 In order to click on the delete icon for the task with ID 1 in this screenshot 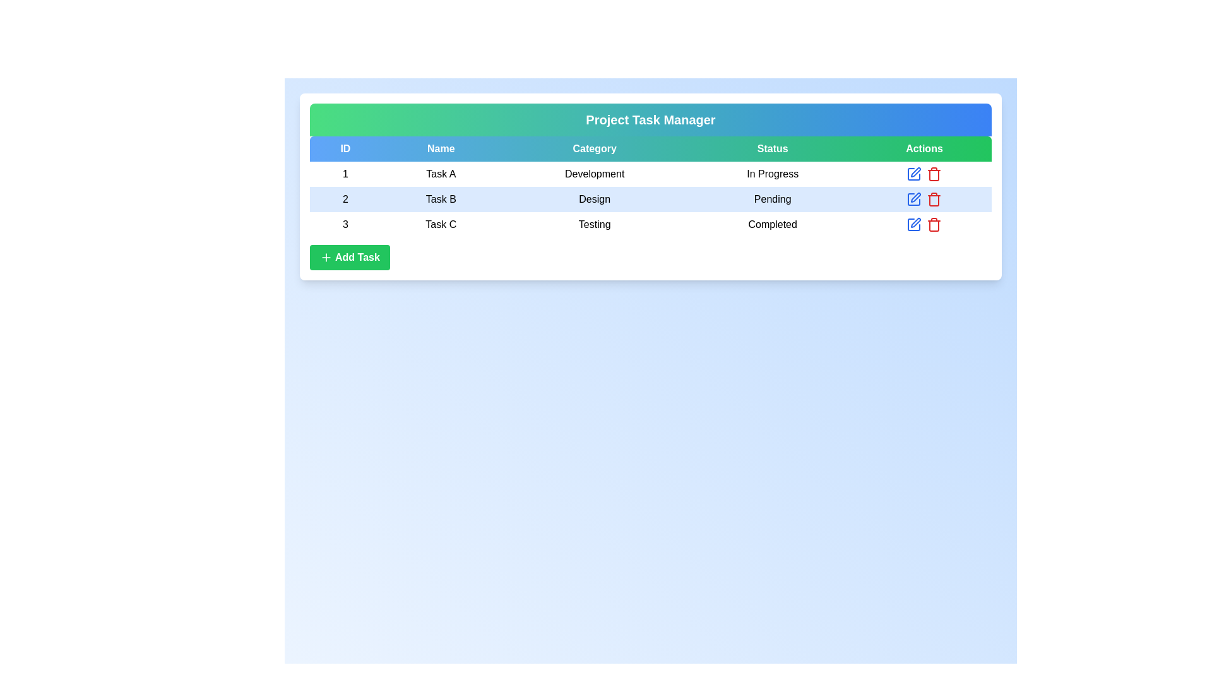, I will do `click(934, 174)`.